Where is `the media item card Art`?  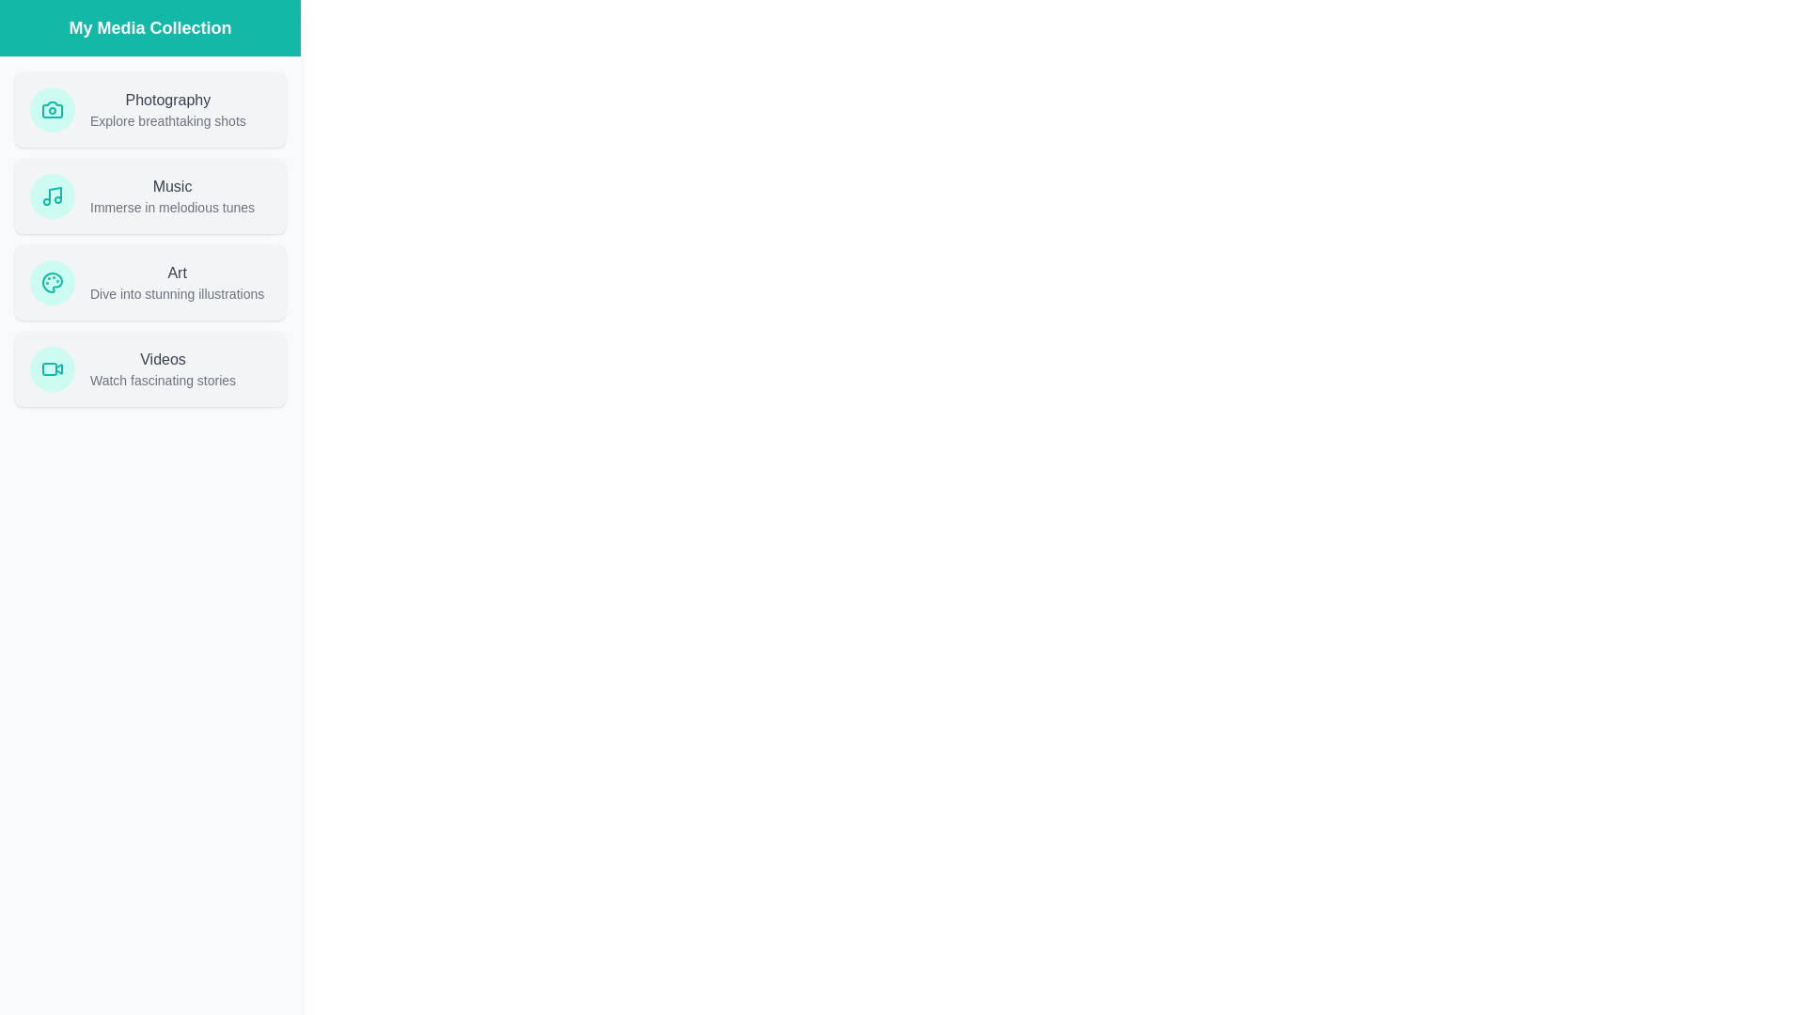
the media item card Art is located at coordinates (149, 282).